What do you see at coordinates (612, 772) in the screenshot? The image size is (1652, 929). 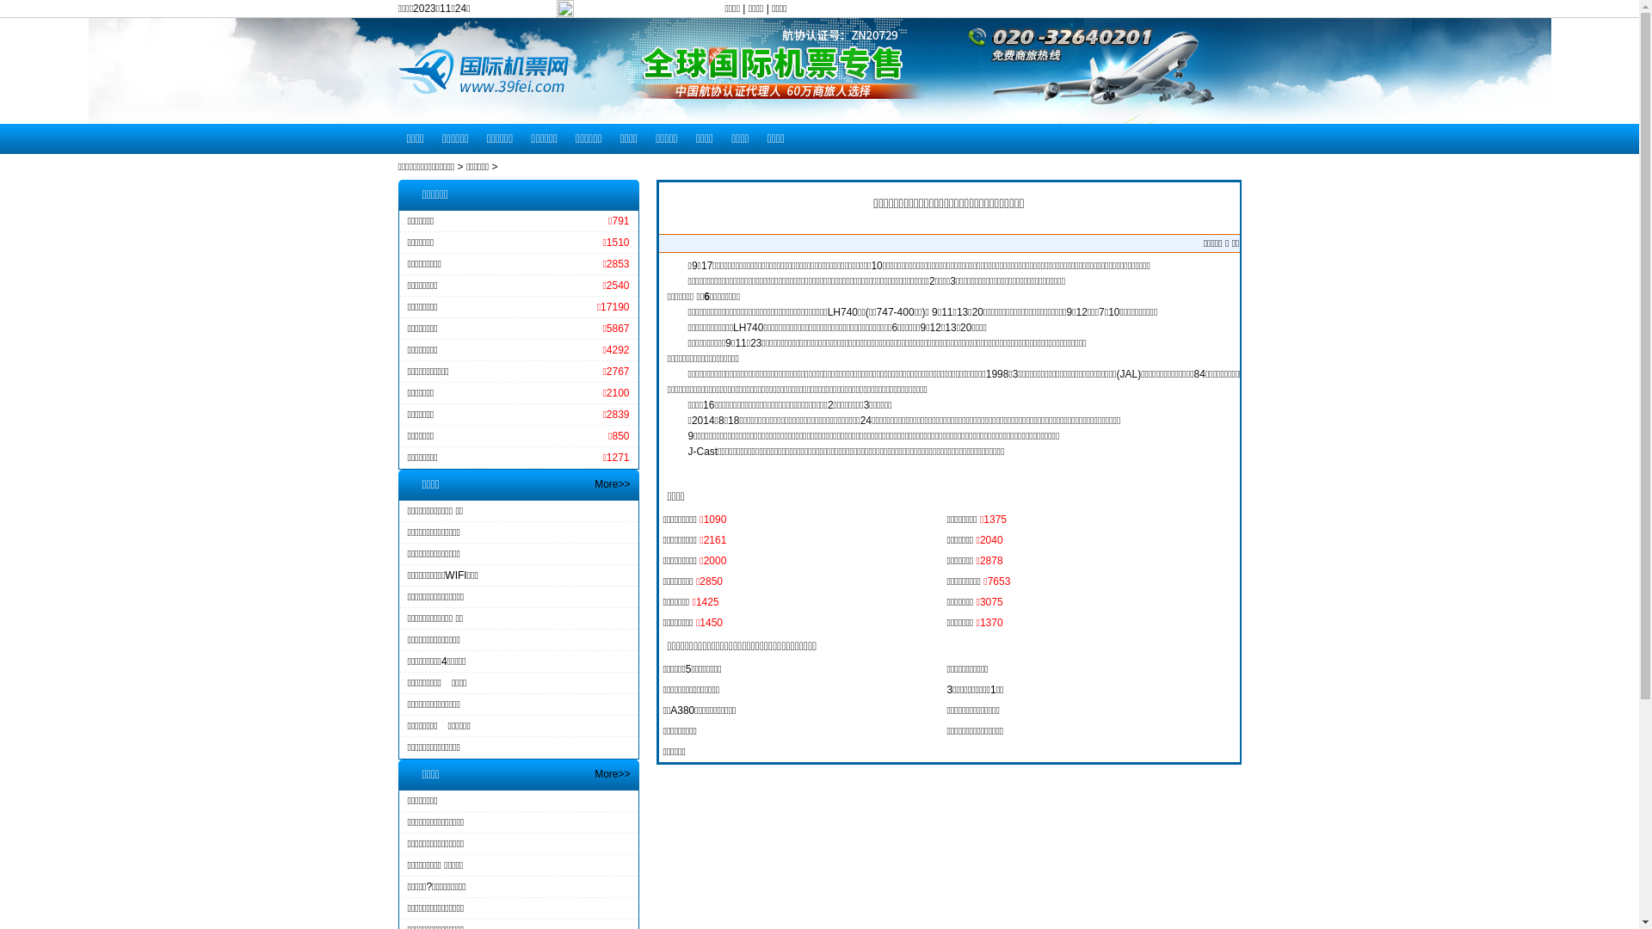 I see `'More>>'` at bounding box center [612, 772].